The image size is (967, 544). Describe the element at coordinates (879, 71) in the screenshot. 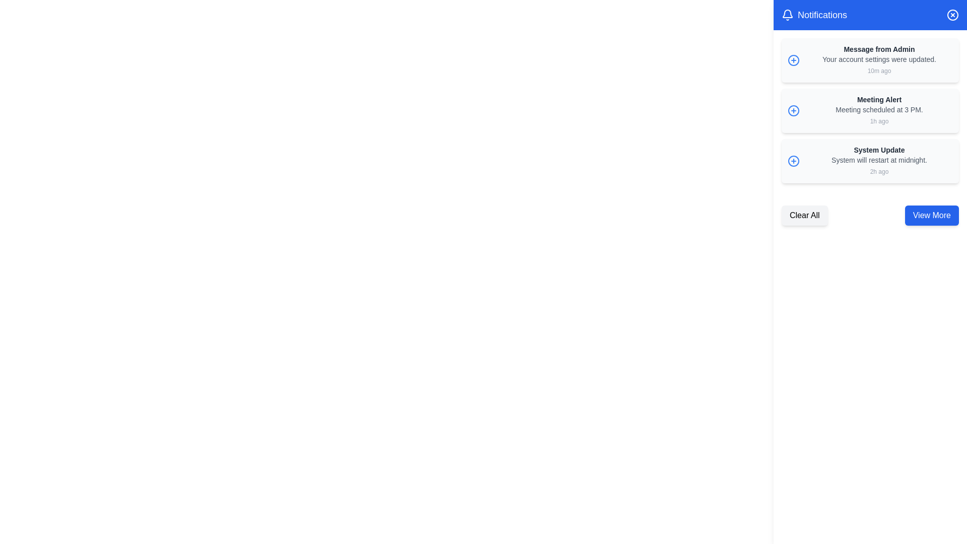

I see `the text label displaying '10m ago' in light gray color, located at the bottom-right of the first notification item under the title 'Message from Admin'` at that location.